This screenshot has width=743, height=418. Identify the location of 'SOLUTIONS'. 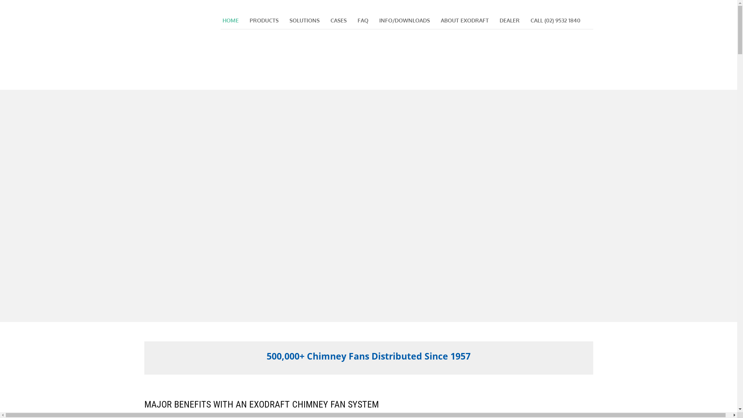
(304, 20).